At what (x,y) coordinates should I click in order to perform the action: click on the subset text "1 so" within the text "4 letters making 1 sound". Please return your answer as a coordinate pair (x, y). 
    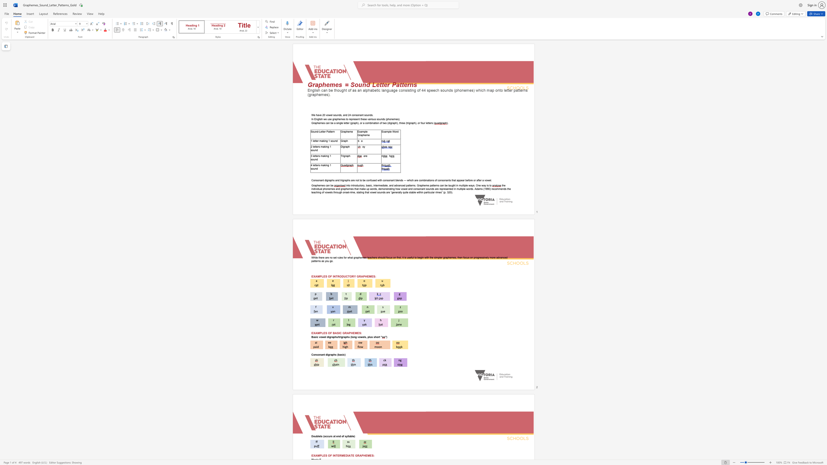
    Looking at the image, I should click on (329, 165).